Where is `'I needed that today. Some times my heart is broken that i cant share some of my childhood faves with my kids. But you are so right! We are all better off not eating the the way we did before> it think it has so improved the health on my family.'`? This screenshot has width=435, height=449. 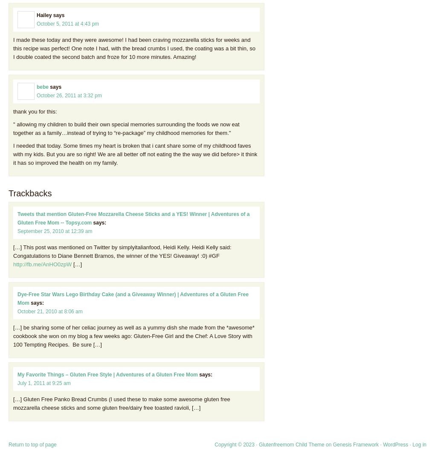 'I needed that today. Some times my heart is broken that i cant share some of my childhood faves with my kids. But you are so right! We are all better off not eating the the way we did before> it think it has so improved the health on my family.' is located at coordinates (135, 154).